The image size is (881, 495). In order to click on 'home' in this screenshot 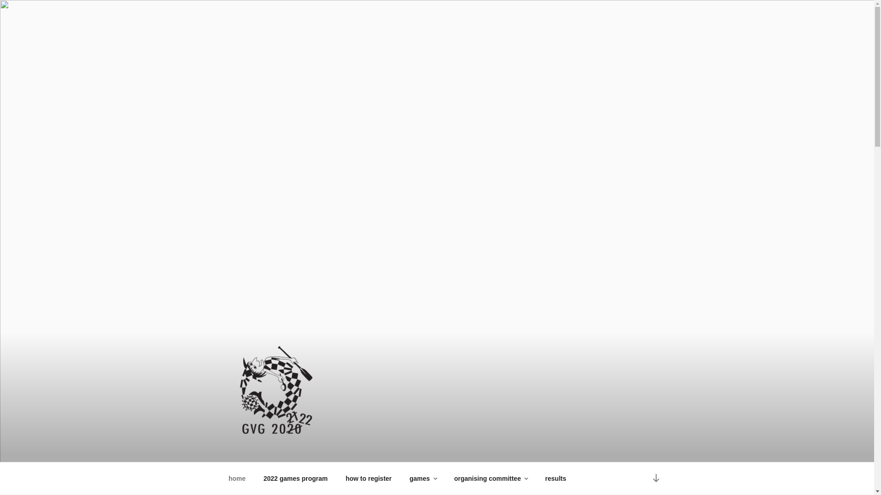, I will do `click(236, 478)`.